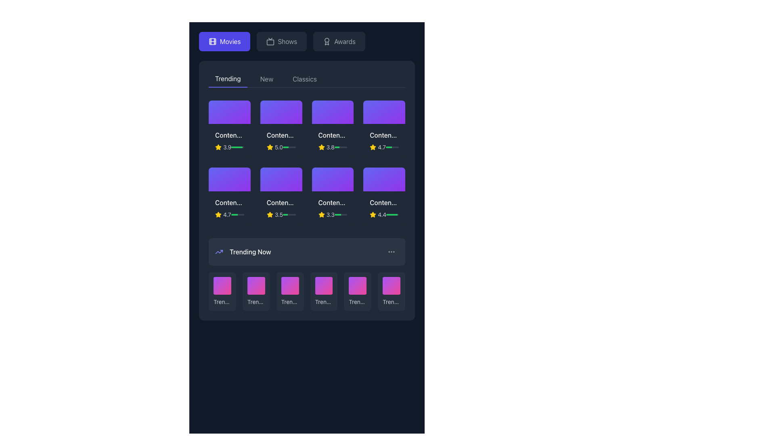  Describe the element at coordinates (242, 108) in the screenshot. I see `the favorite or like button located in the top-right corner of the content card labeled 'Content Title' in the 'Trending' section` at that location.